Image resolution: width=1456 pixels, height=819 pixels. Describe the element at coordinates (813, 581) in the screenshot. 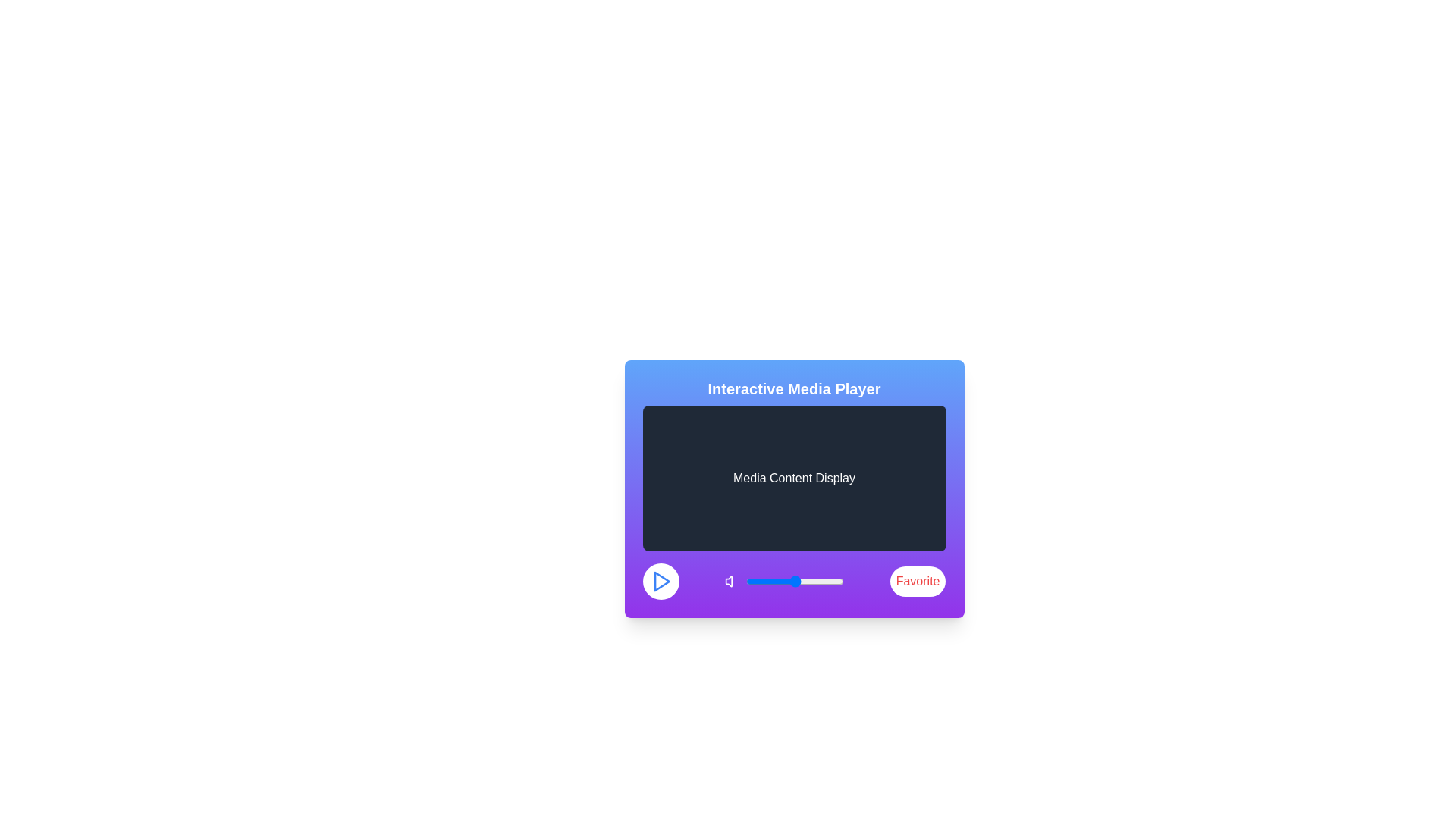

I see `the slider` at that location.